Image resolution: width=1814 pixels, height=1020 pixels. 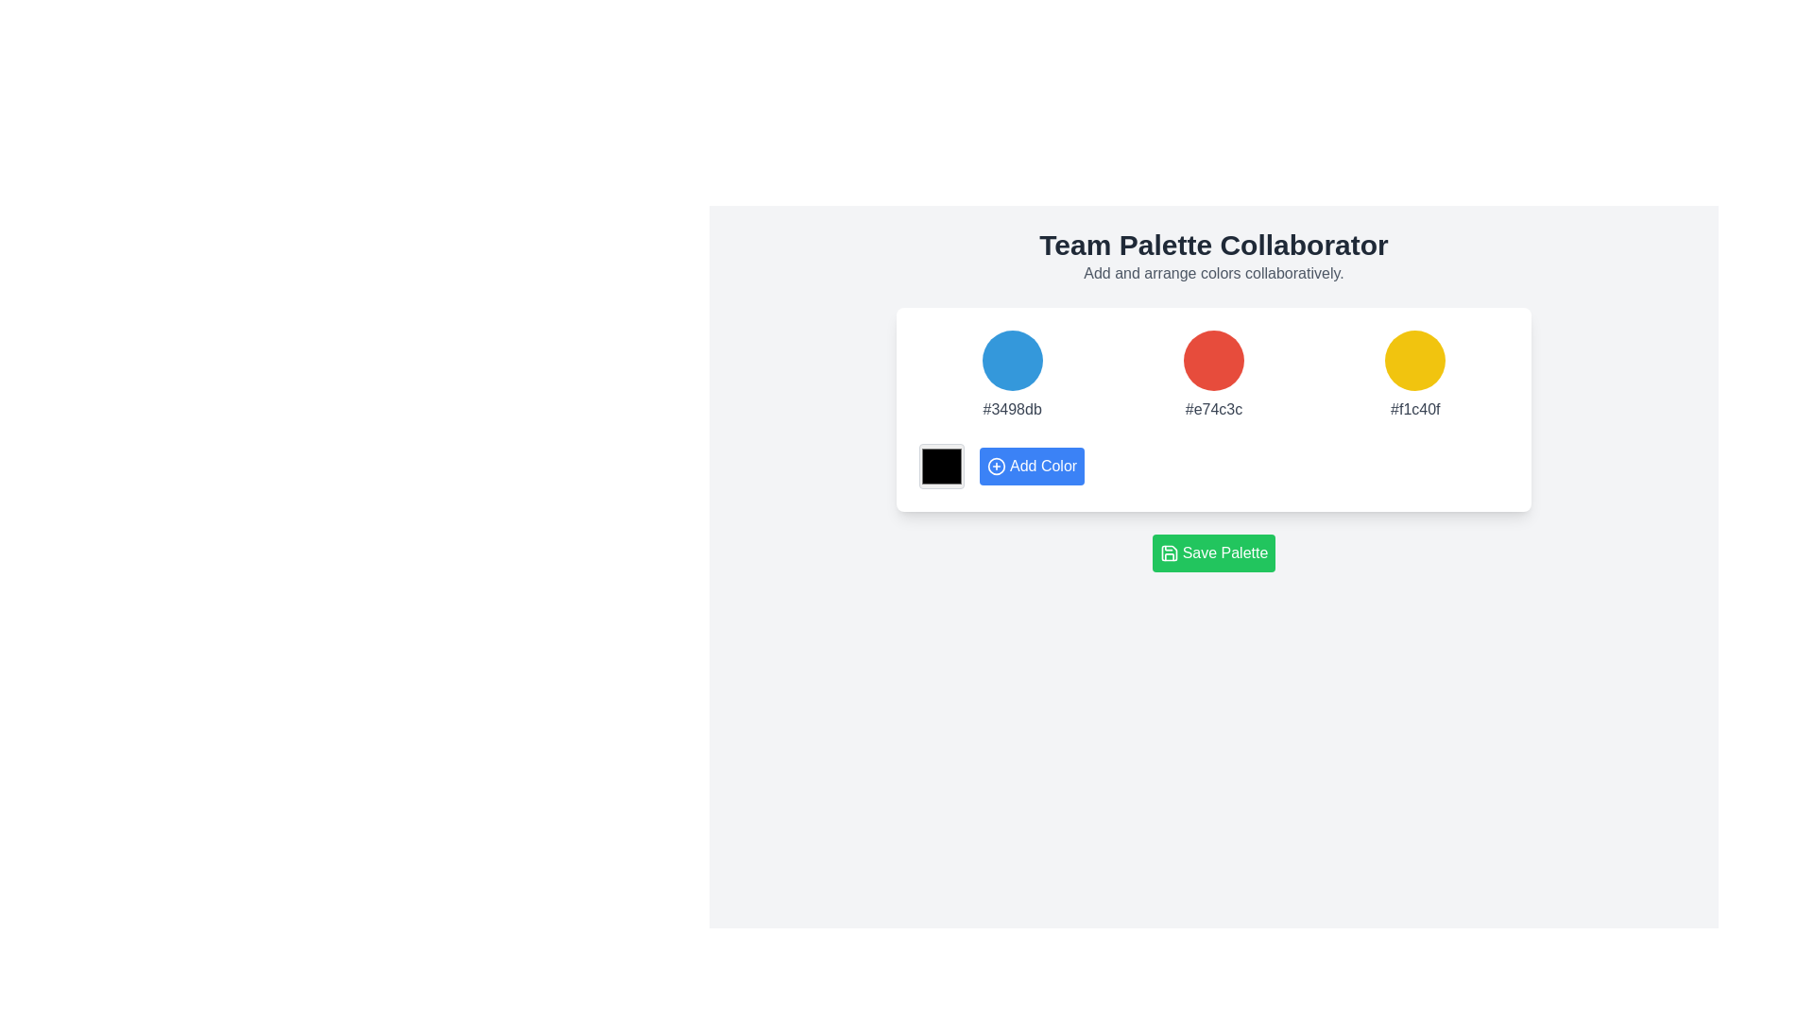 I want to click on text from the gray text label displaying the hex value '#3498db', positioned below the blue circular color icon in the palette, so click(x=1011, y=409).